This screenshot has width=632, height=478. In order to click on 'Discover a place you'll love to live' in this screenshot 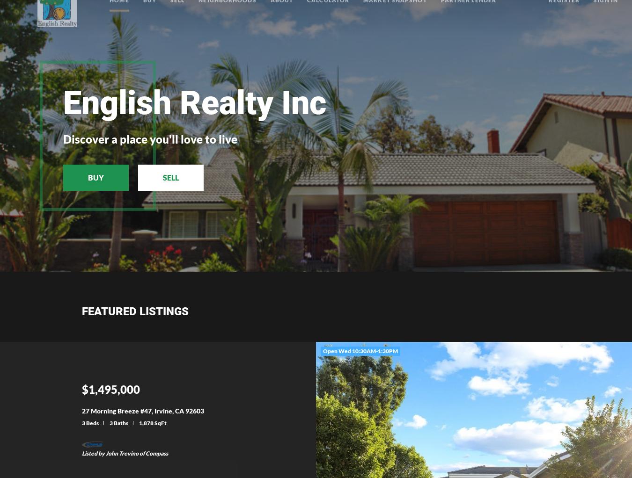, I will do `click(63, 138)`.